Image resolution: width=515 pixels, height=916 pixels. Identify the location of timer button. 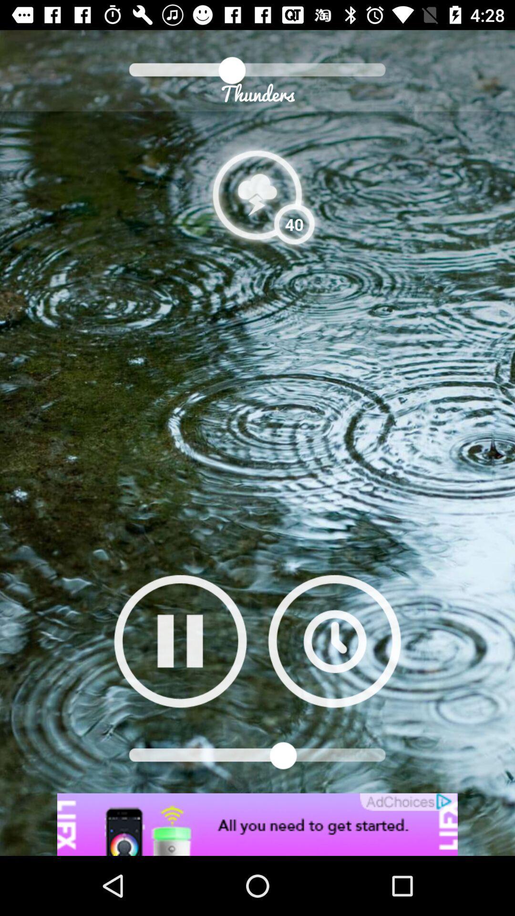
(334, 641).